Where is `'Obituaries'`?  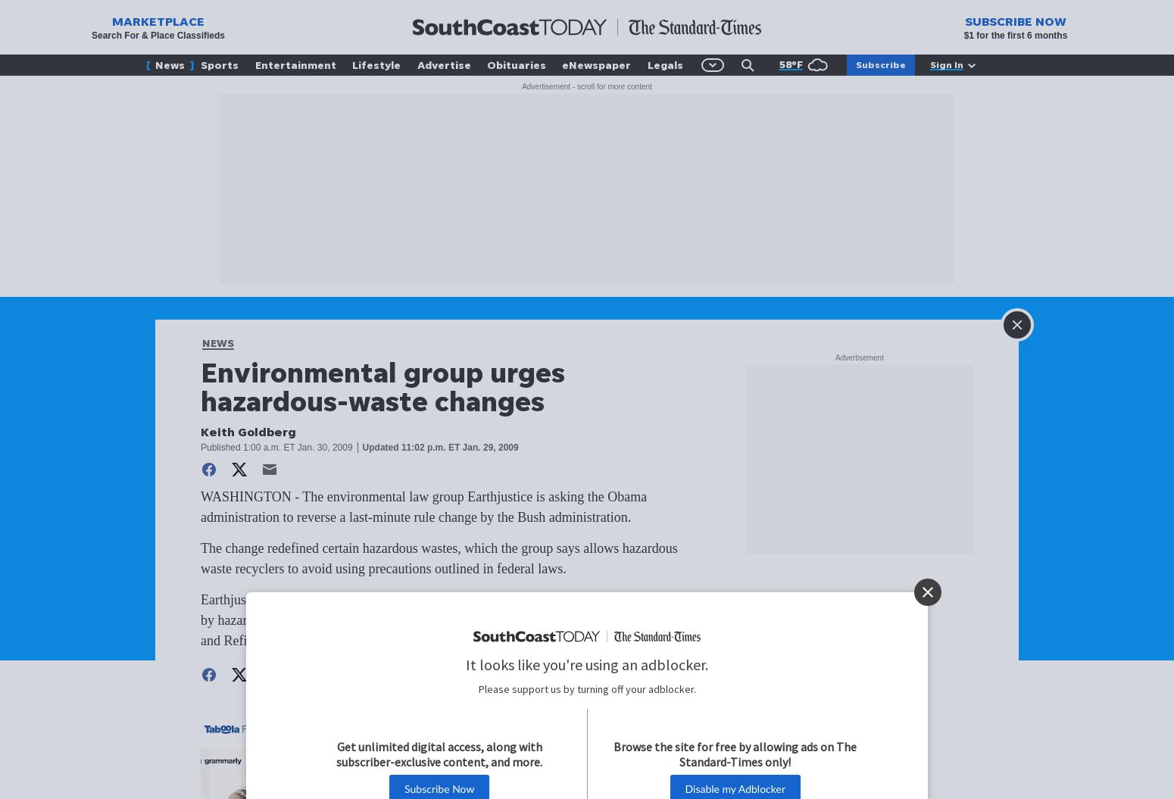
'Obituaries' is located at coordinates (516, 64).